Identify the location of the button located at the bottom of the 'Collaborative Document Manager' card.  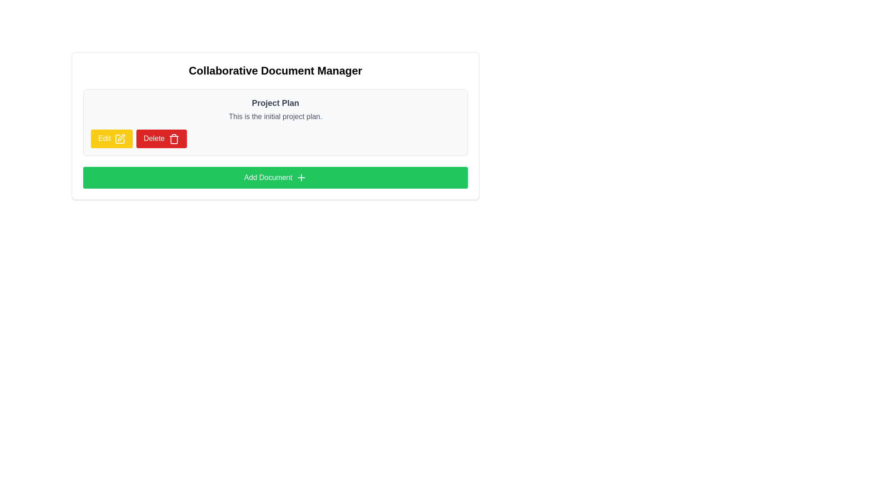
(275, 177).